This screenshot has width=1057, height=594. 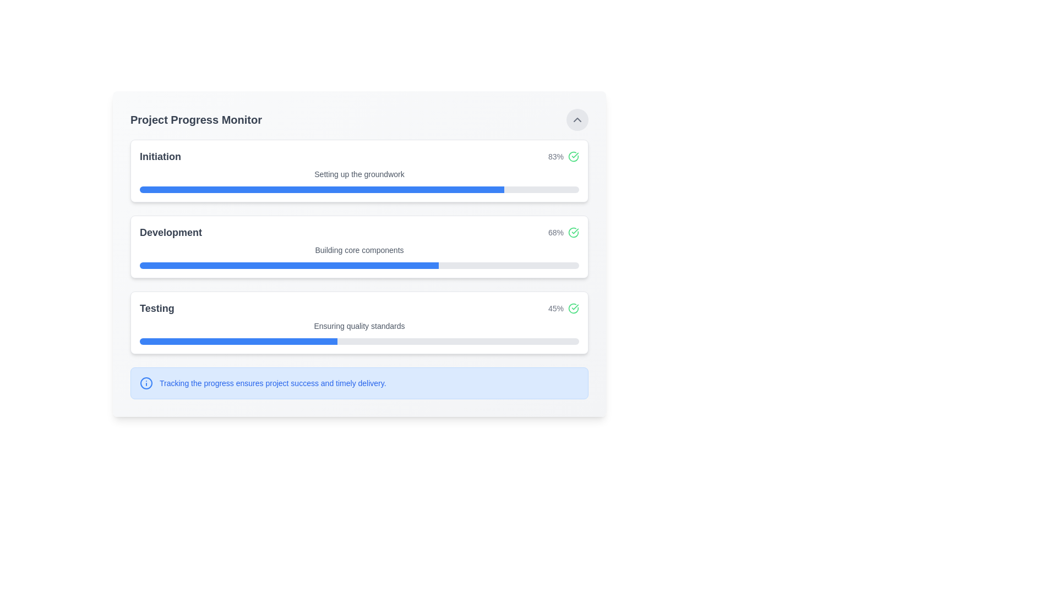 I want to click on the text label displaying '45%' in a small gray font, located in the bottom row of the 'Testing' section, next to a green checkmark icon, so click(x=555, y=308).